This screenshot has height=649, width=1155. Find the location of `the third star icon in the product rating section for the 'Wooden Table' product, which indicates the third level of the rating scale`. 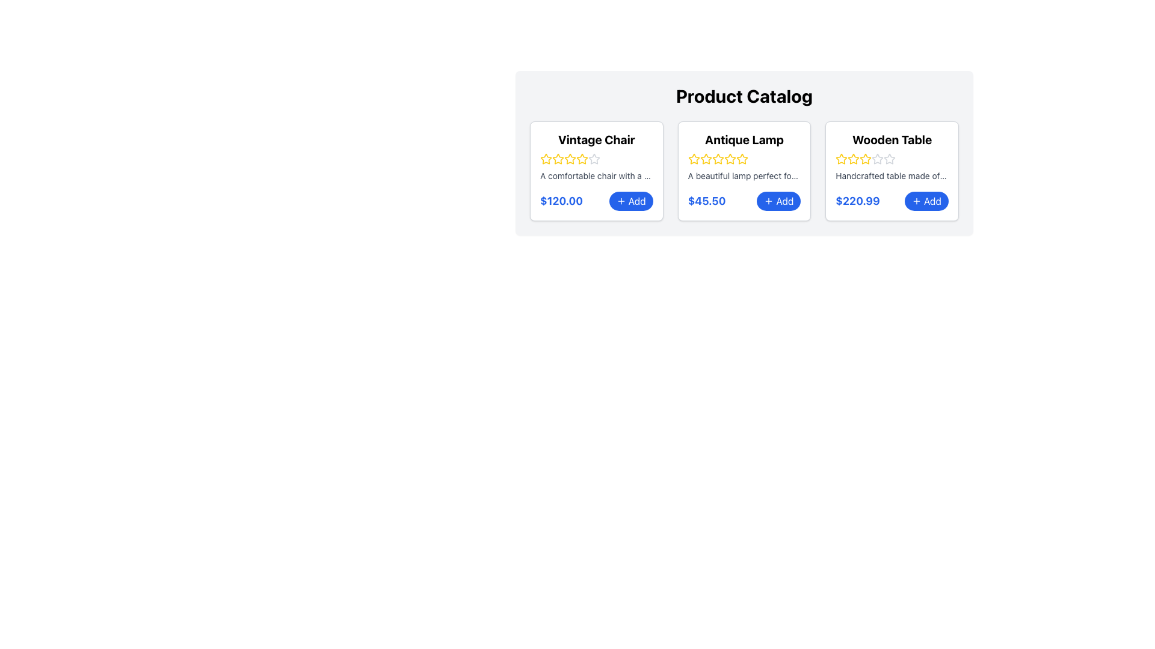

the third star icon in the product rating section for the 'Wooden Table' product, which indicates the third level of the rating scale is located at coordinates (890, 158).